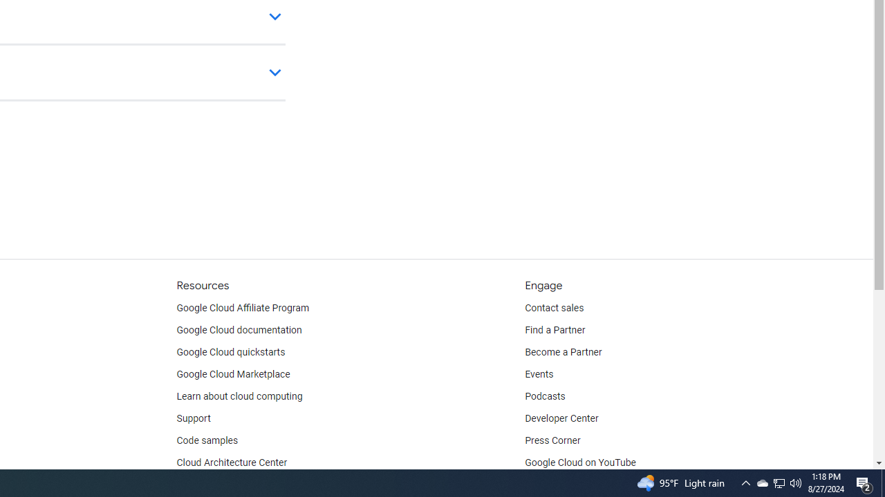 The image size is (885, 497). Describe the element at coordinates (231, 352) in the screenshot. I see `'Google Cloud quickstarts'` at that location.